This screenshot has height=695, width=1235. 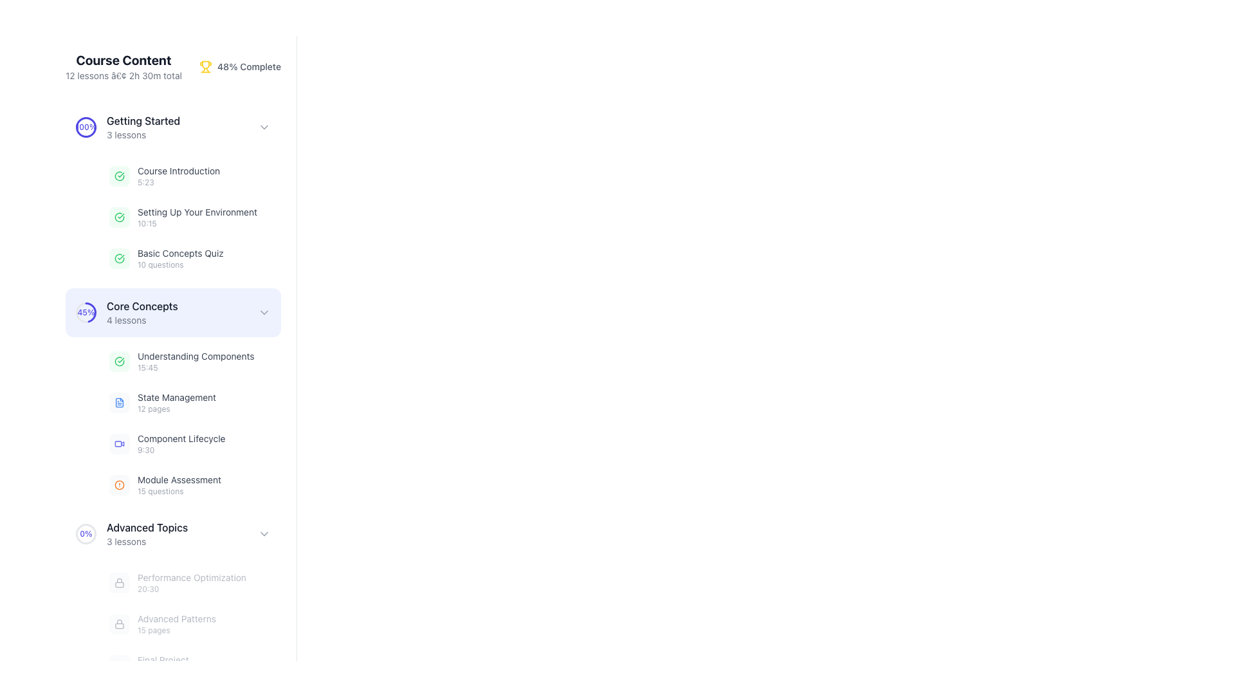 I want to click on the circular progress indicator displaying '0%' in its center, which is located to the left of the 'Advanced Topics' text in the course content section, so click(x=86, y=533).